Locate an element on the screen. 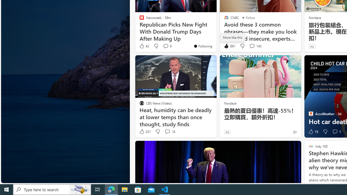 This screenshot has height=195, width=347. 'View comments 18 Comment' is located at coordinates (167, 132).